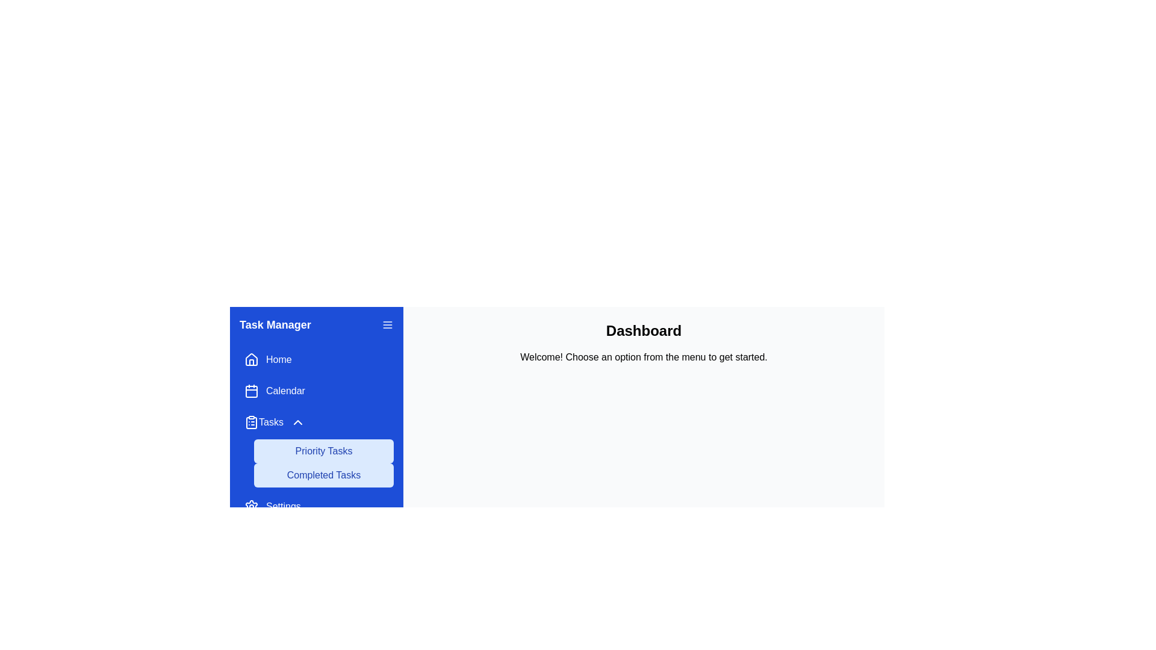  What do you see at coordinates (643, 357) in the screenshot?
I see `the textual display that shows the message 'Welcome! Choose an option from the menu to get started.' located below the heading 'Dashboard' in the main content area` at bounding box center [643, 357].